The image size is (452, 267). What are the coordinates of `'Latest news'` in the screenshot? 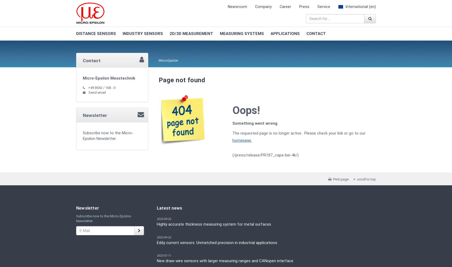 It's located at (169, 208).